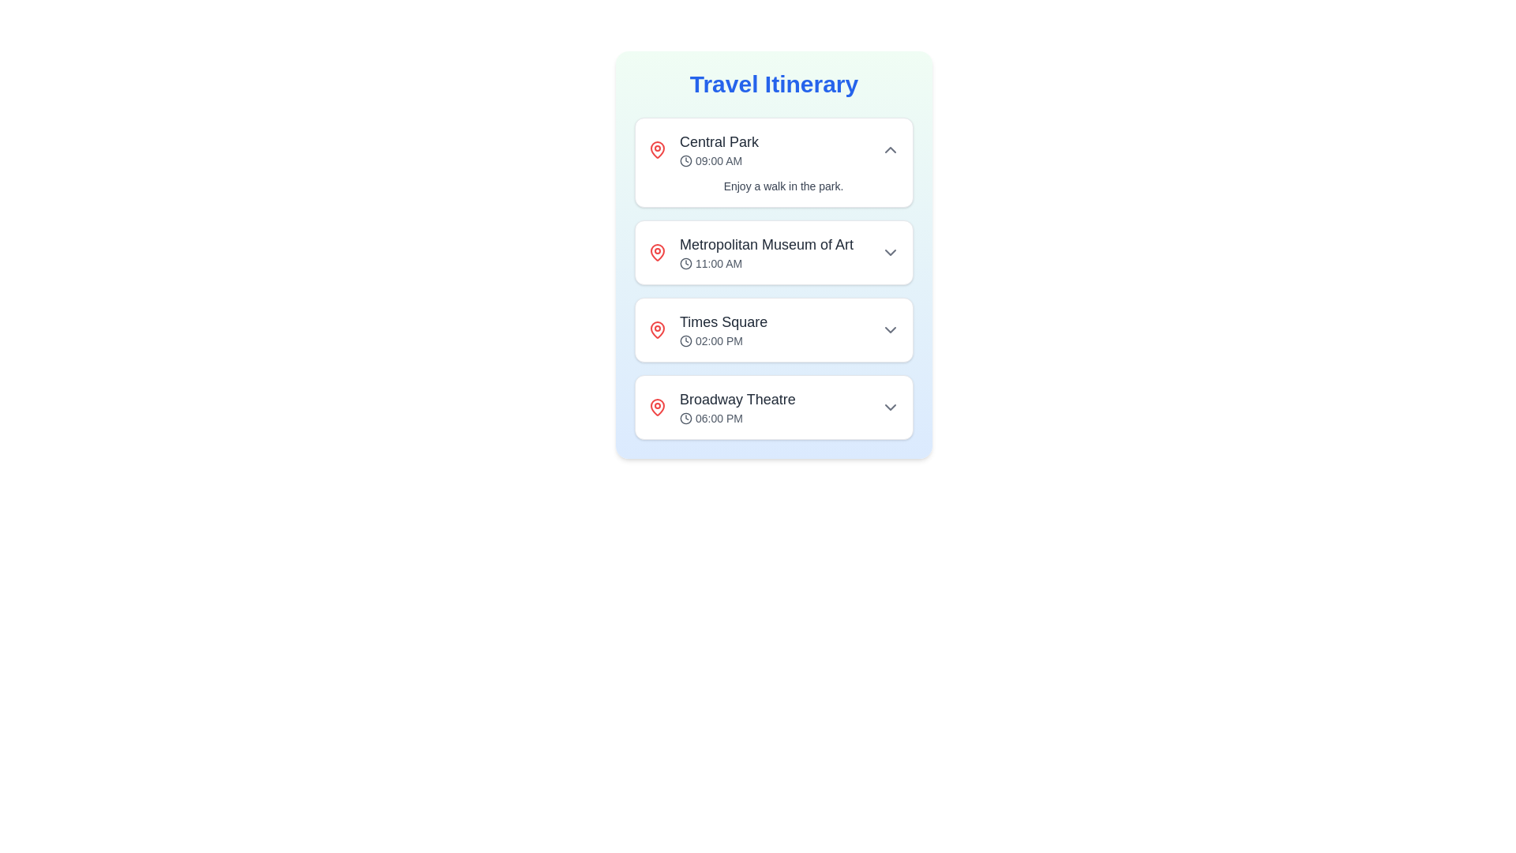 Image resolution: width=1516 pixels, height=853 pixels. What do you see at coordinates (685, 263) in the screenshot?
I see `the circular graphical element styled as a clock icon within the travel itinerary interface, specifically located under the second itinerary item titled 'Metropolitan Museum of Art' at '11:00 AM'` at bounding box center [685, 263].